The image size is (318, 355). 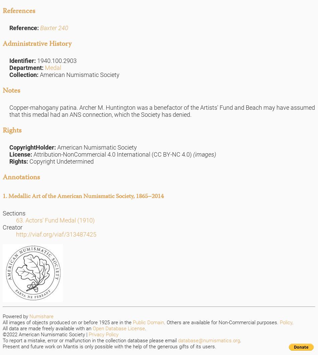 I want to click on 'Administrative History', so click(x=37, y=44).